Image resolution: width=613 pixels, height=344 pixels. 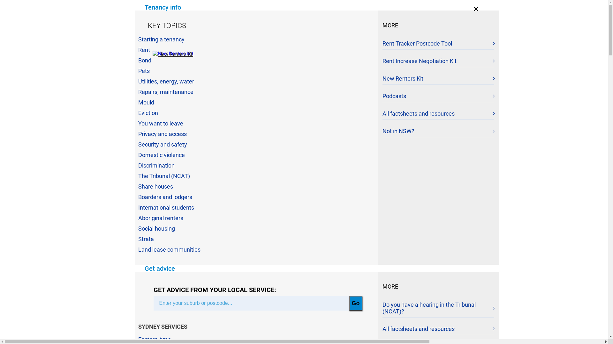 I want to click on 'Starting a tenancy', so click(x=161, y=39).